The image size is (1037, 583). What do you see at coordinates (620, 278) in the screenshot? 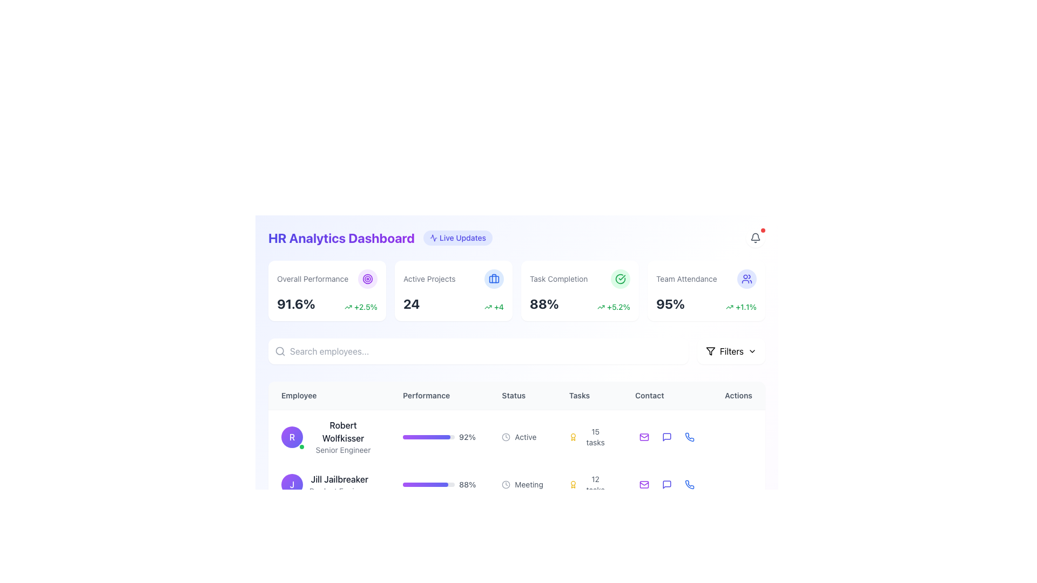
I see `the status indicator icon located on the right side of the 'Task Completion' label in the dashboard, which visually confirms the completion of a task` at bounding box center [620, 278].